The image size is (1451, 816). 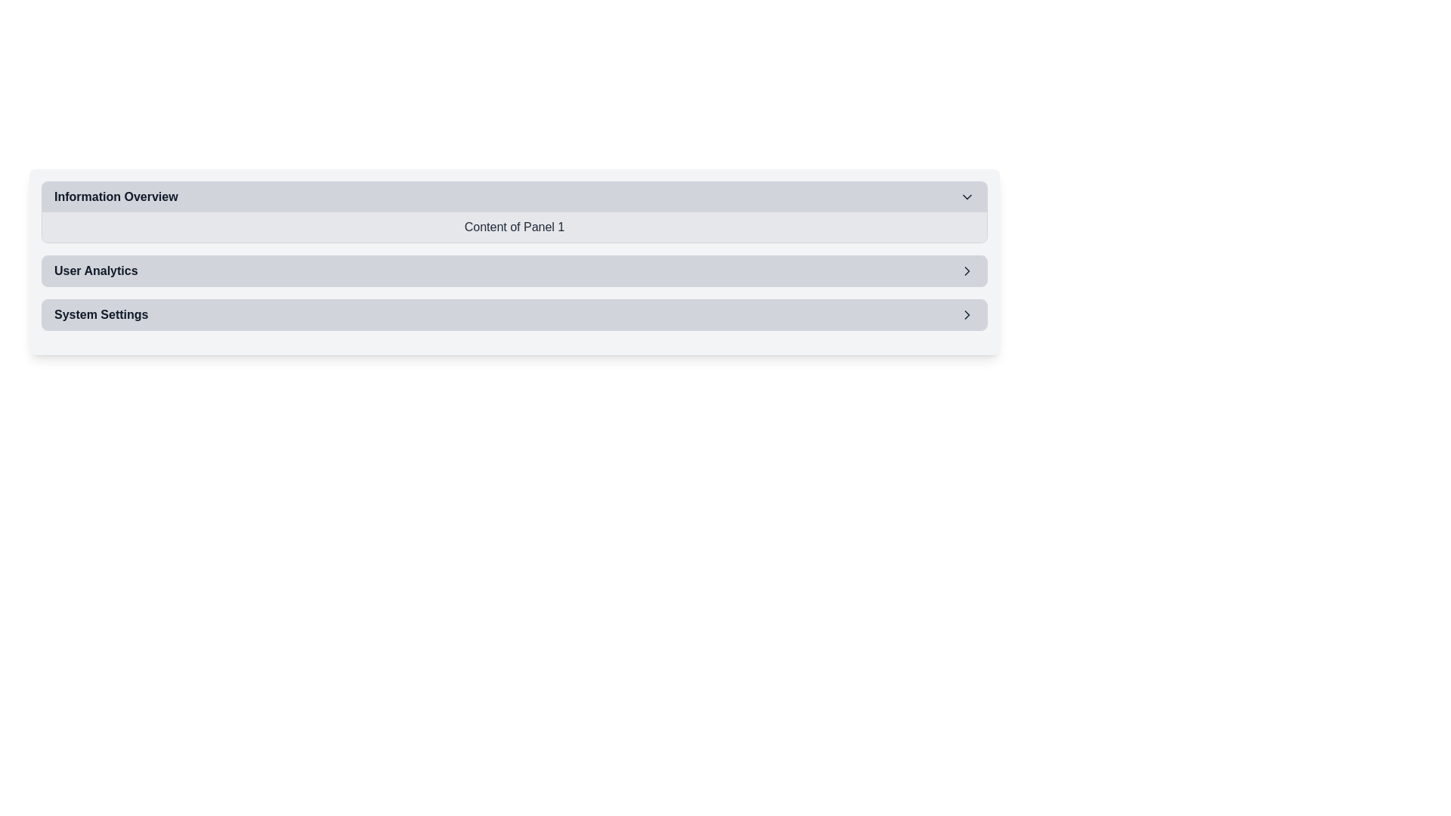 I want to click on the rightward-pointing chevron icon in the 'System Settings' section, so click(x=967, y=314).